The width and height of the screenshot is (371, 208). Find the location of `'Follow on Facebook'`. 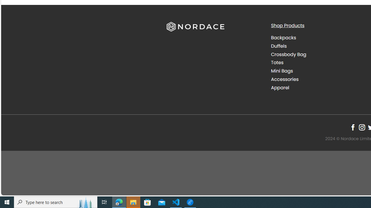

'Follow on Facebook' is located at coordinates (352, 127).